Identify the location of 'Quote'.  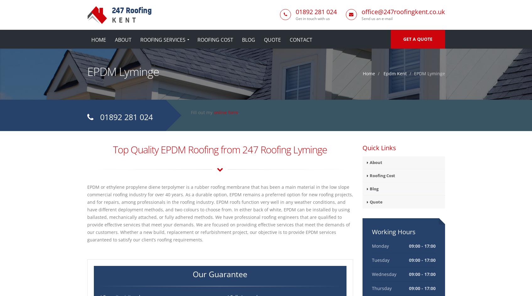
(376, 202).